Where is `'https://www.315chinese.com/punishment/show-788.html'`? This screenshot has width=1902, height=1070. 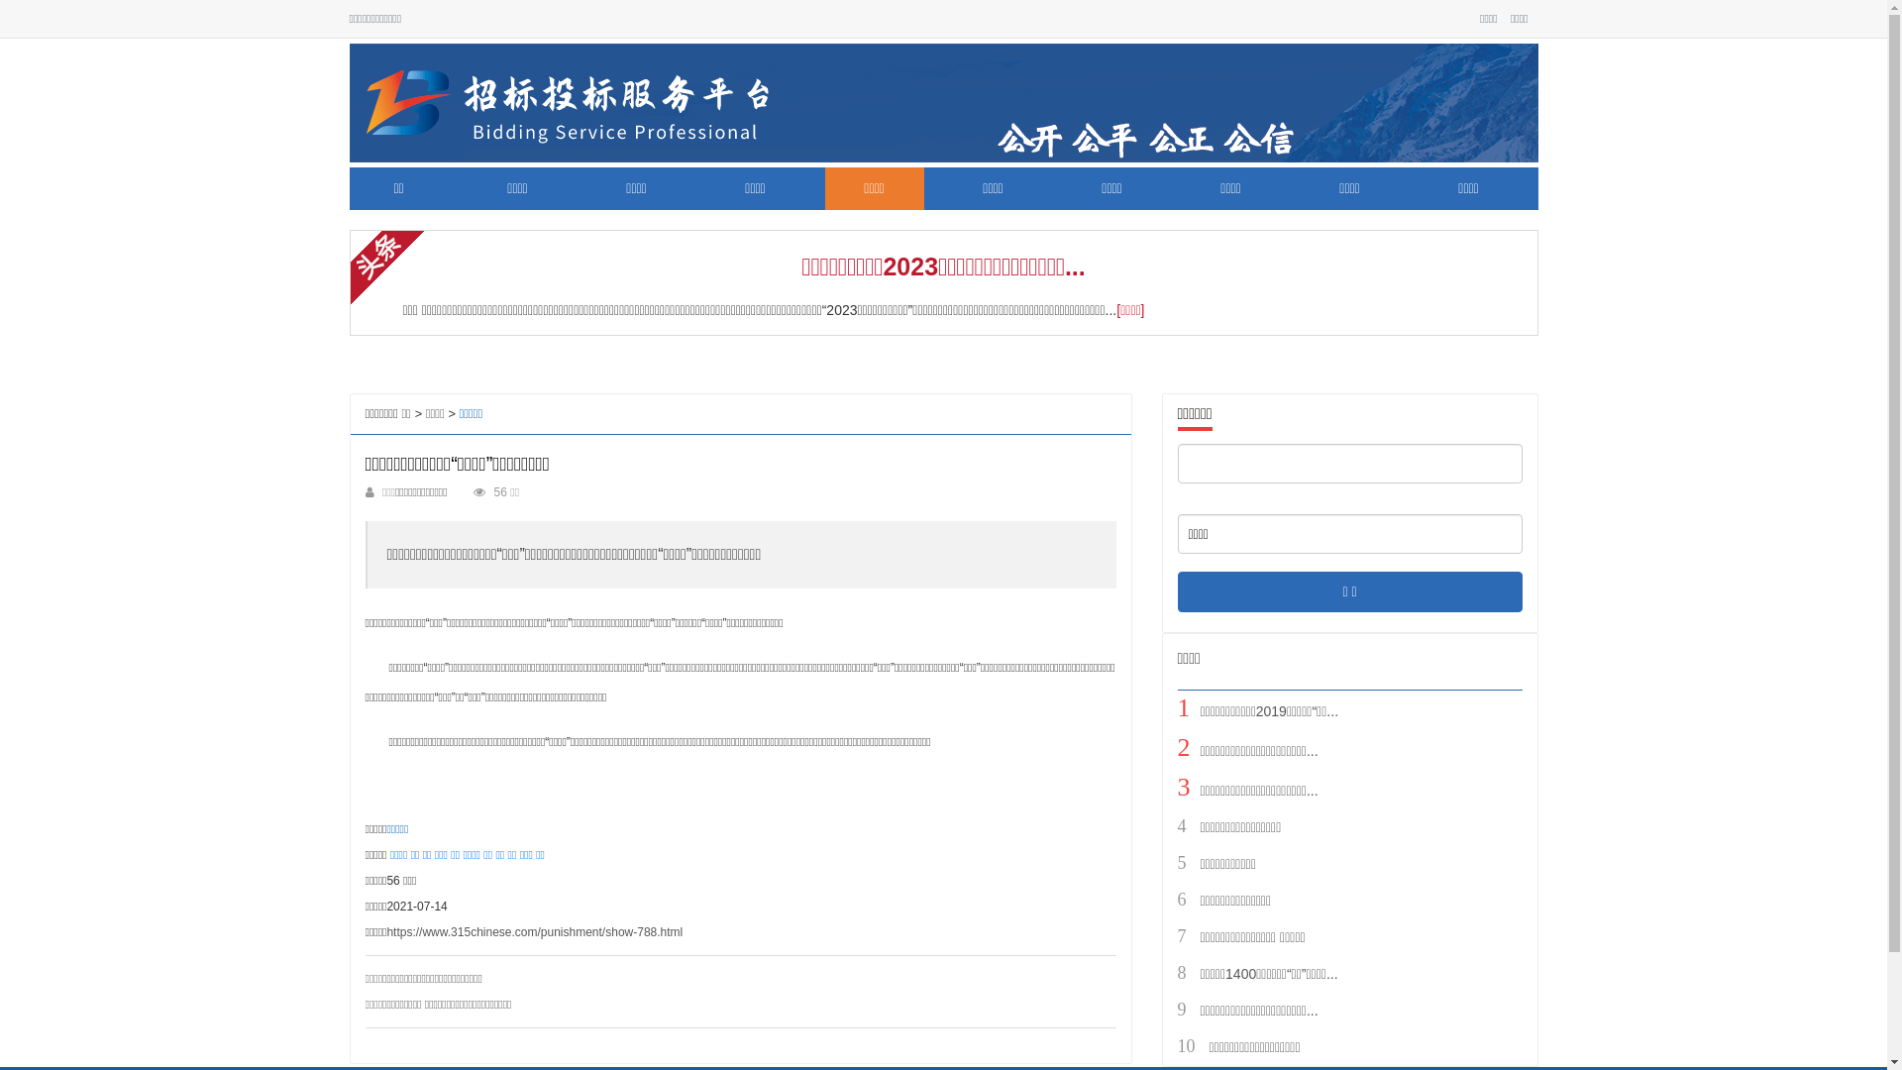
'https://www.315chinese.com/punishment/show-788.html' is located at coordinates (534, 932).